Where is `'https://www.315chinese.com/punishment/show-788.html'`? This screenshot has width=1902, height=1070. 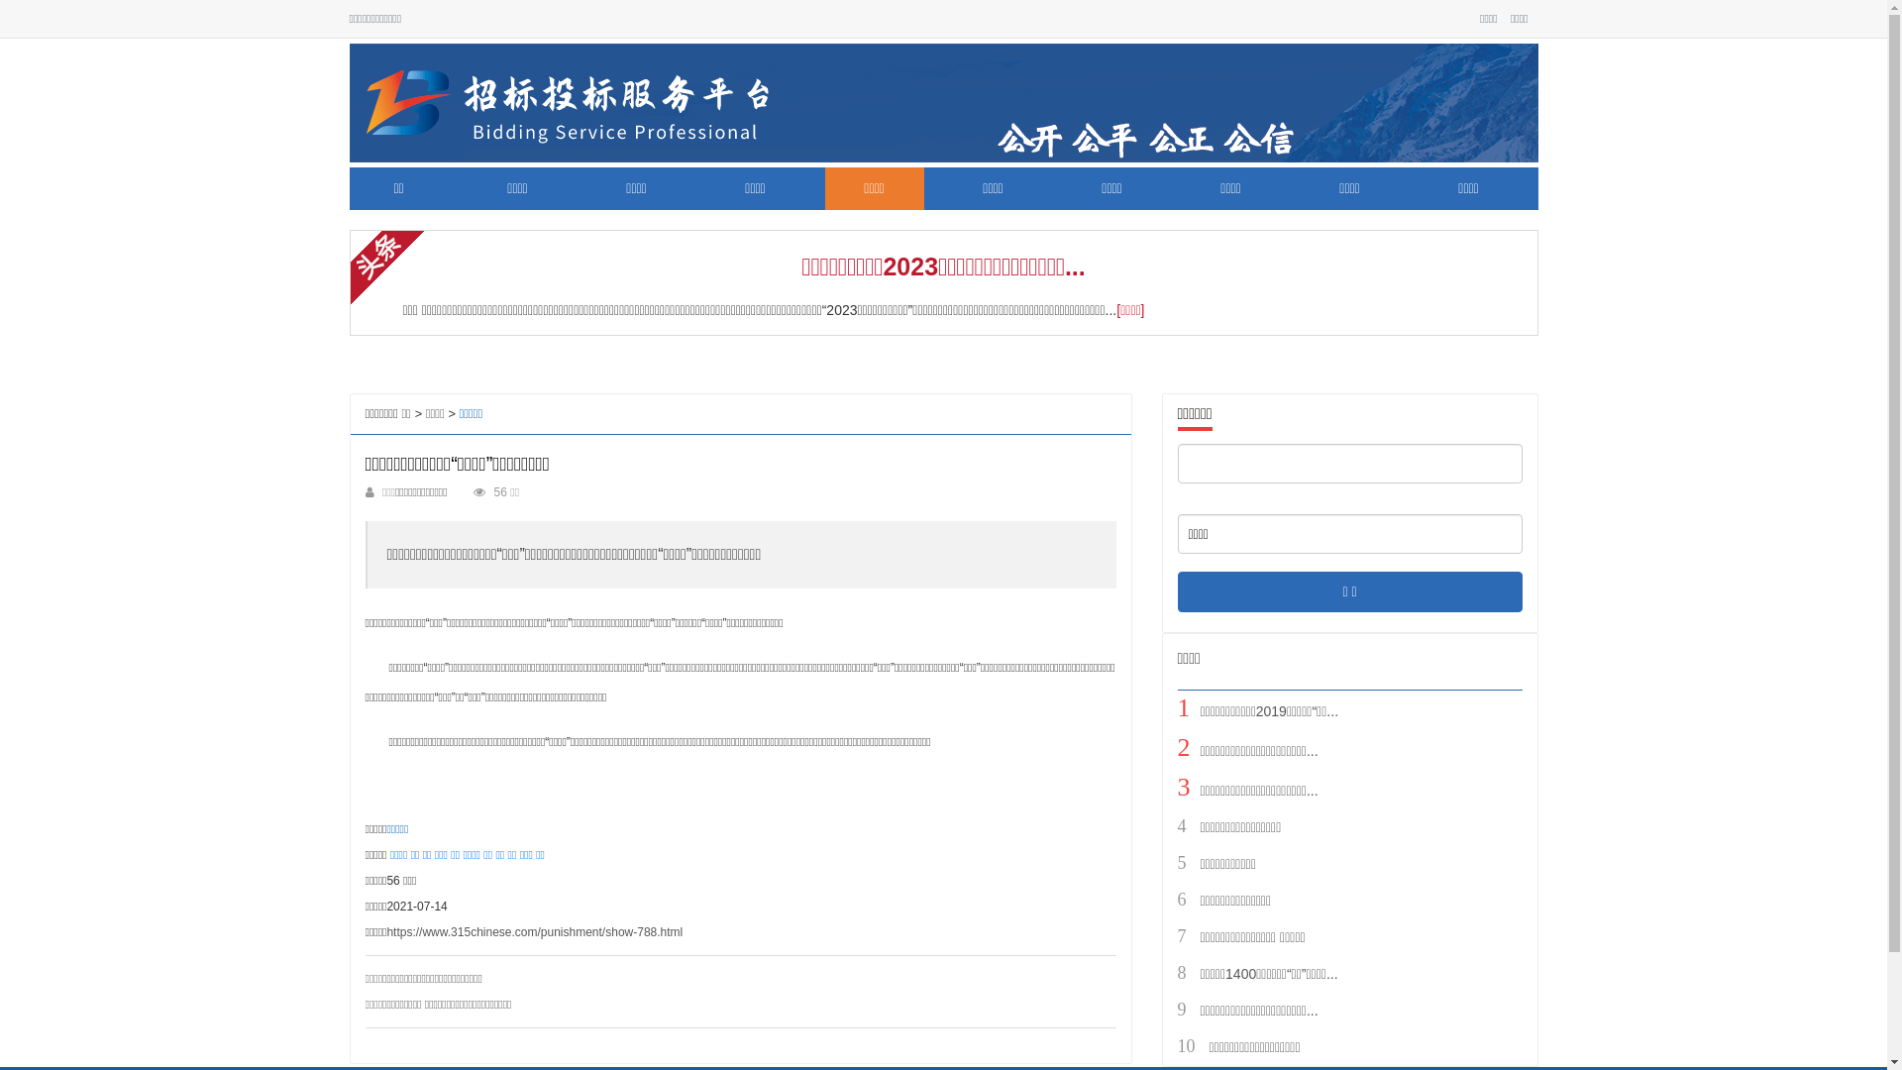
'https://www.315chinese.com/punishment/show-788.html' is located at coordinates (534, 932).